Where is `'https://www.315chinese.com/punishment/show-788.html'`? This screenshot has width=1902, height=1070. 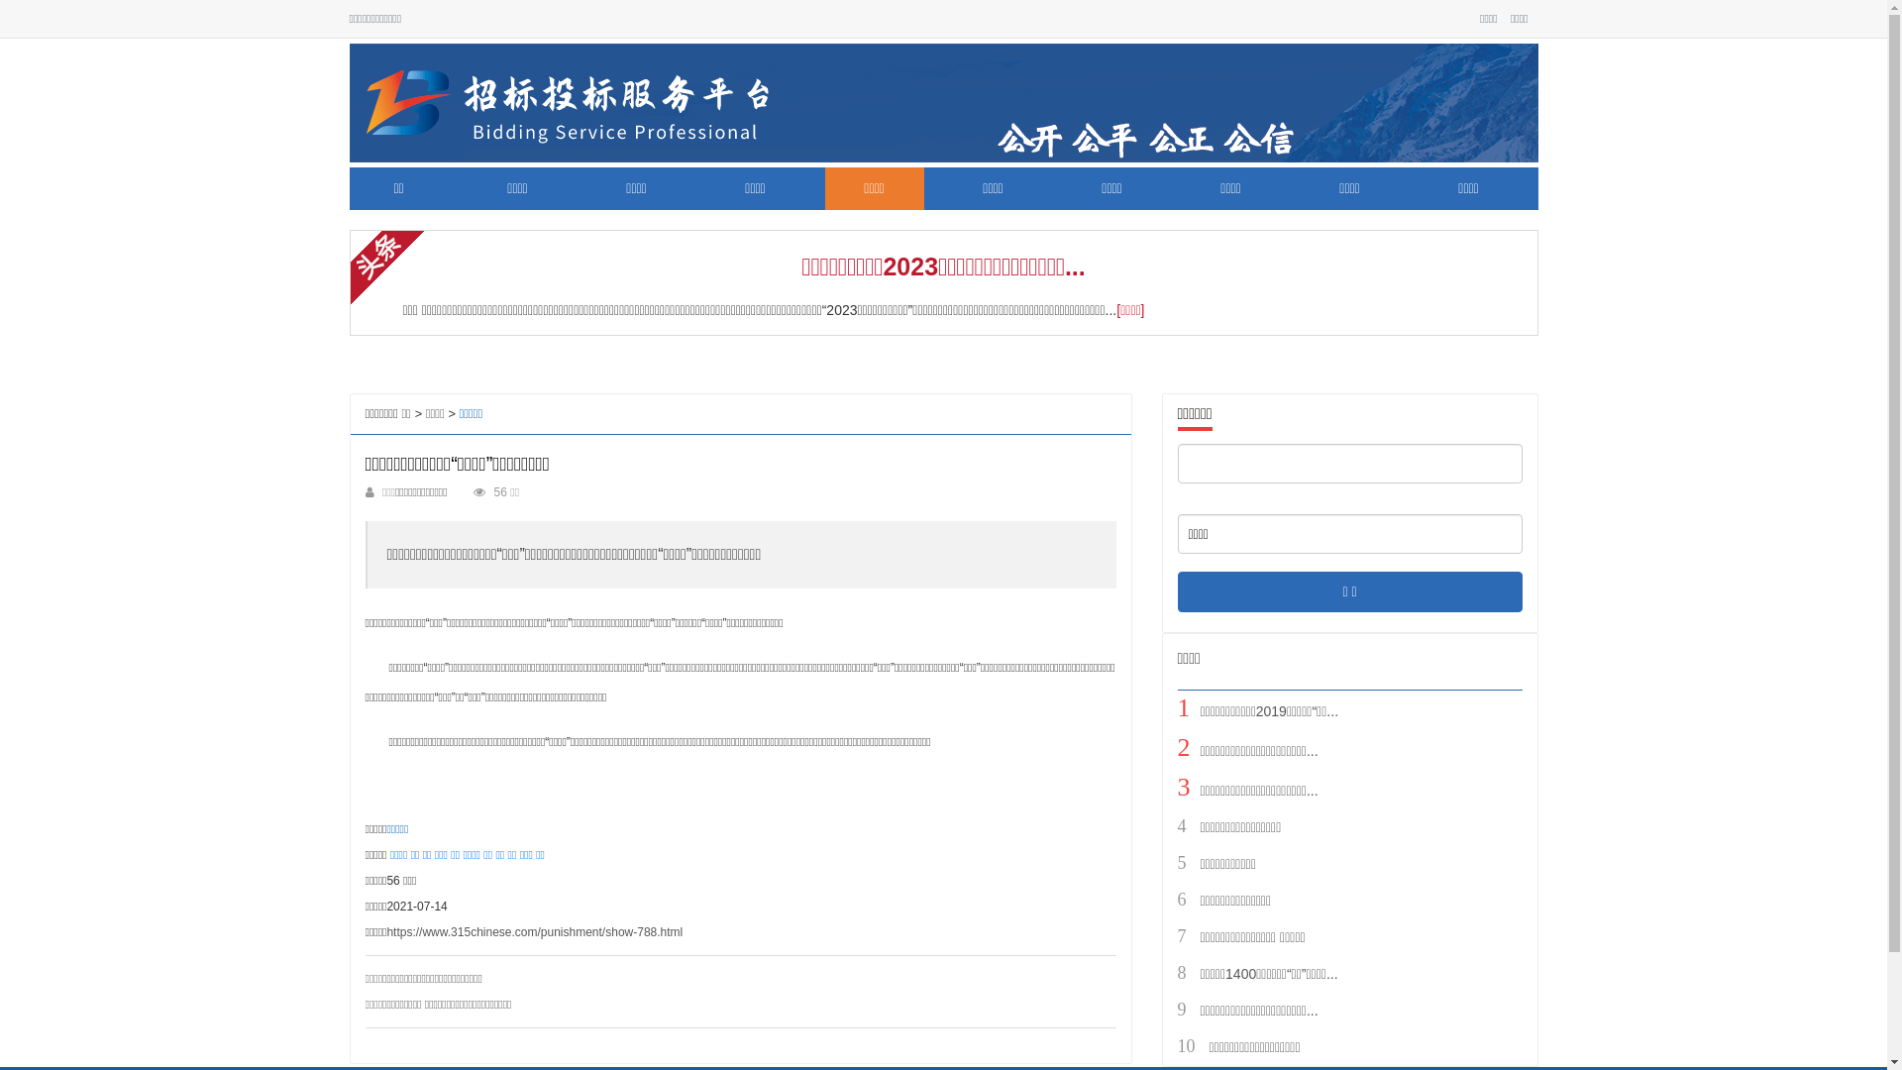
'https://www.315chinese.com/punishment/show-788.html' is located at coordinates (534, 932).